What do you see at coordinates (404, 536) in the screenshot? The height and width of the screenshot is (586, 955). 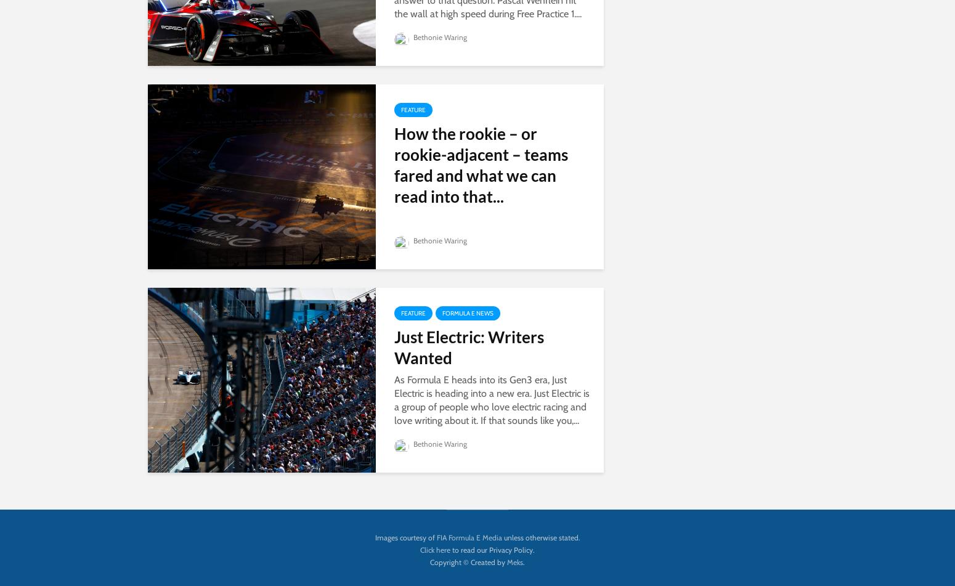 I see `'Images courtesy of'` at bounding box center [404, 536].